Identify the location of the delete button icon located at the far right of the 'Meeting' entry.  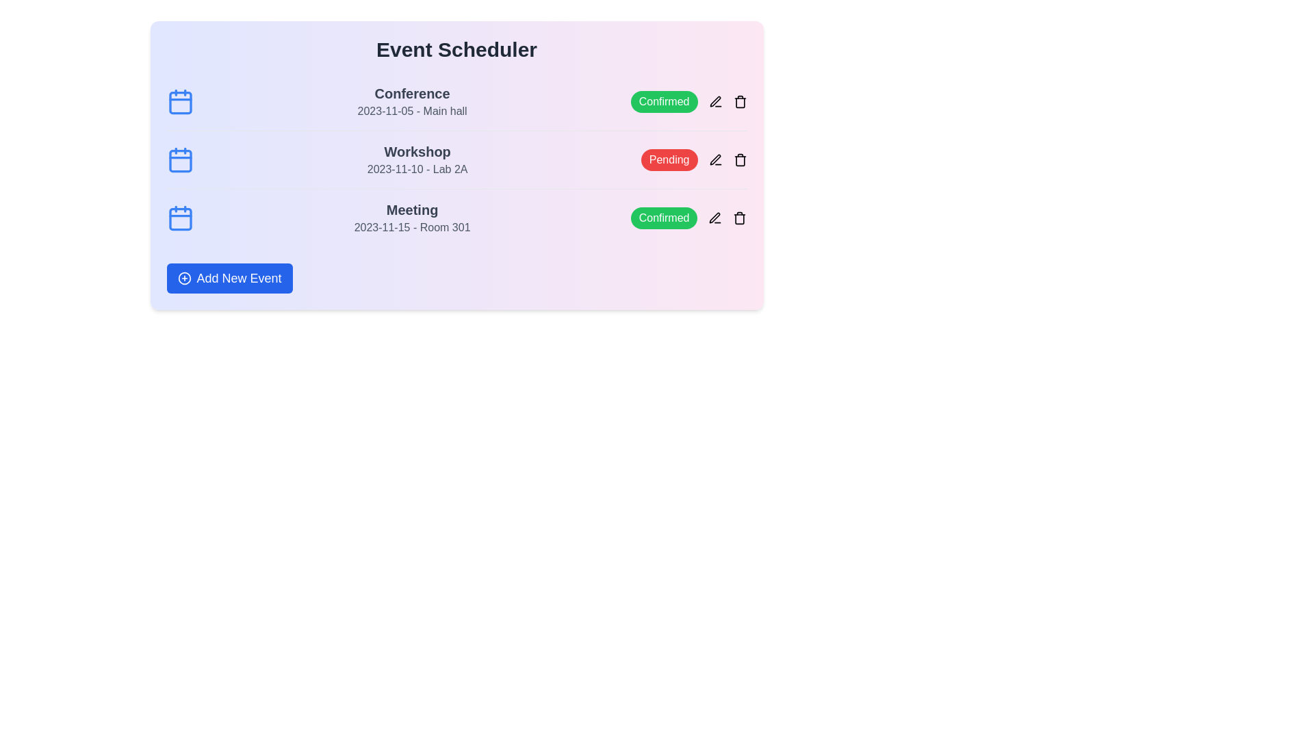
(739, 218).